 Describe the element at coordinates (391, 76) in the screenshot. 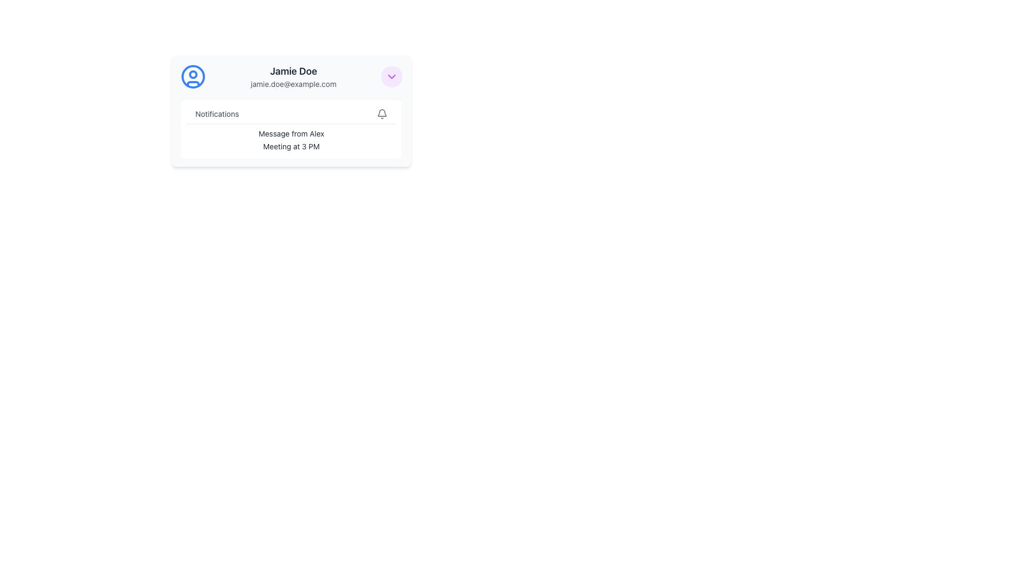

I see `the small circular button with a purple background and a downward arrow icon, located to the right of the user details for 'Jamie Doe'` at that location.